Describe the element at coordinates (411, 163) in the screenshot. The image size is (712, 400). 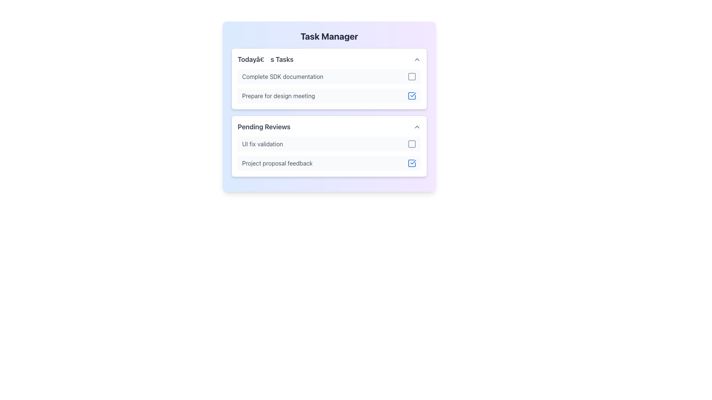
I see `the blue checkbox icon with a checkmark inside located at the far-right side of the 'Project proposal feedback' row` at that location.